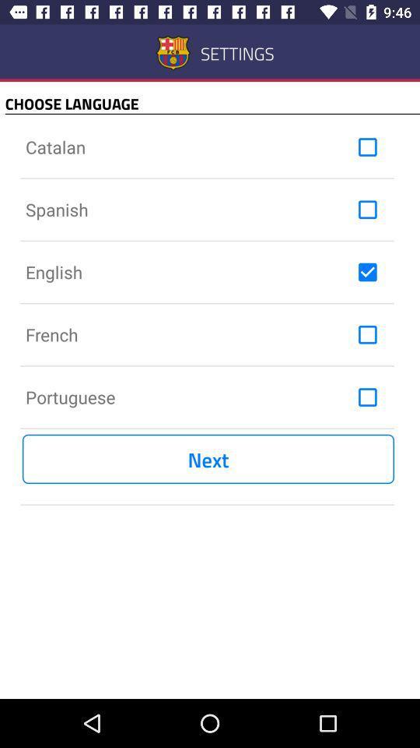  Describe the element at coordinates (367, 147) in the screenshot. I see `option` at that location.